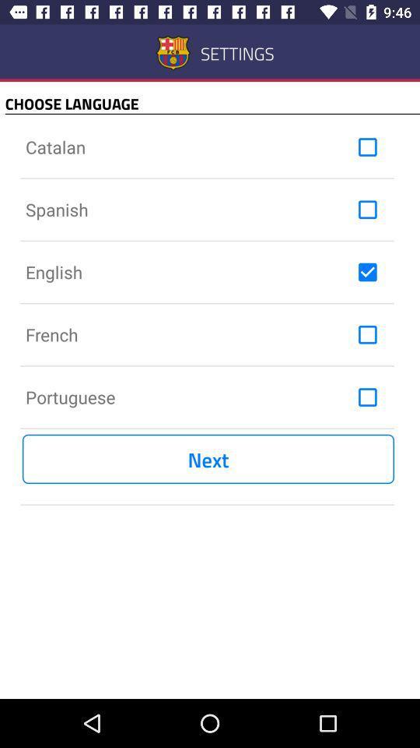  Describe the element at coordinates (367, 147) in the screenshot. I see `option` at that location.